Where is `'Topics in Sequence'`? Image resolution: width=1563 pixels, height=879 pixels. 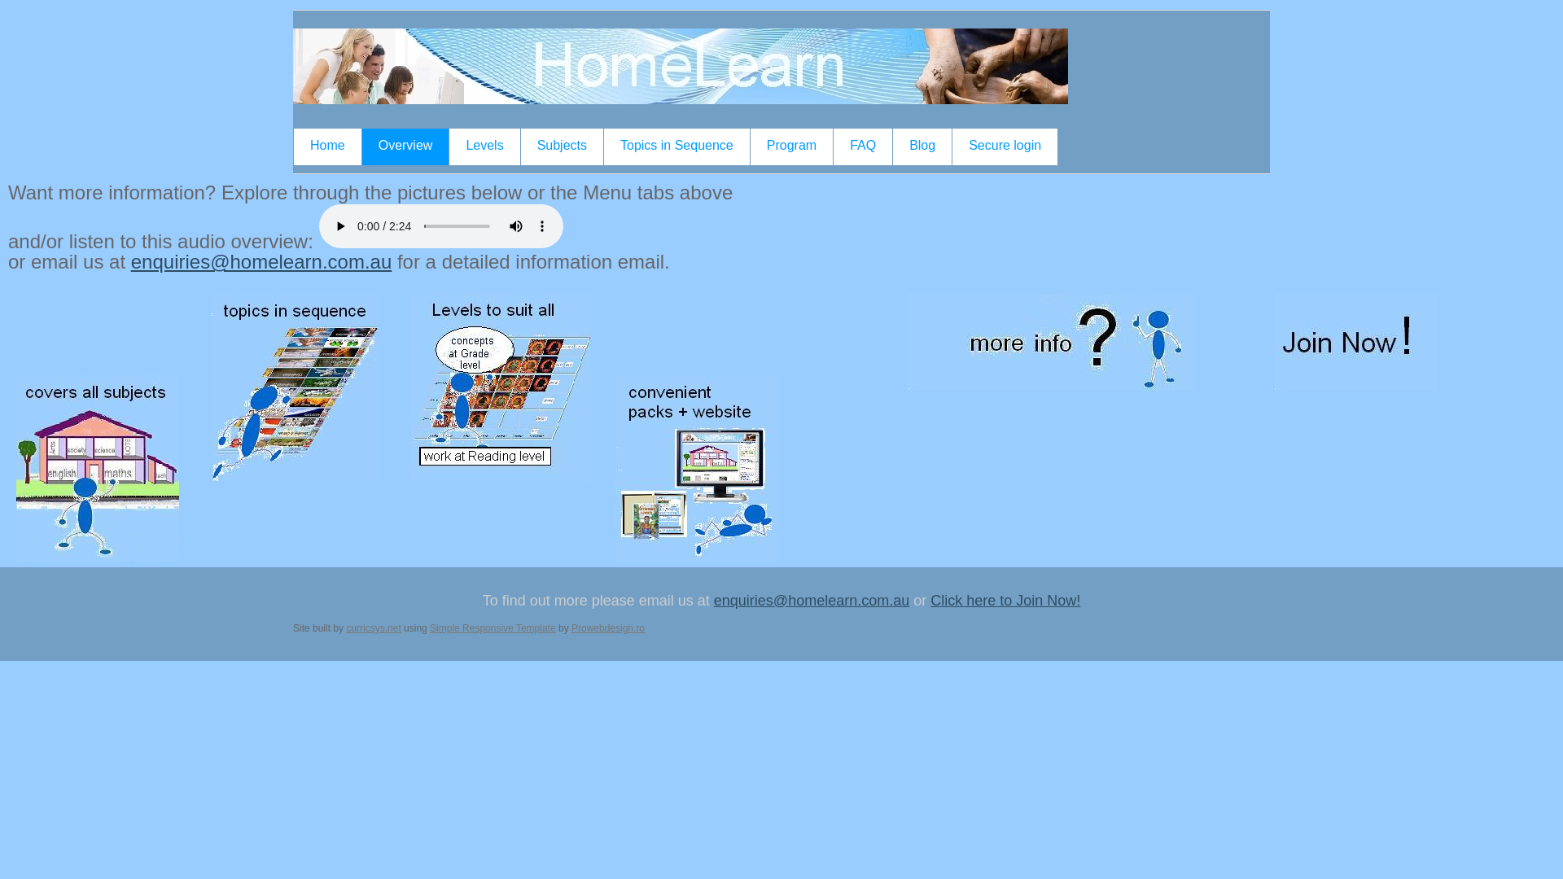
'Topics in Sequence' is located at coordinates (603, 146).